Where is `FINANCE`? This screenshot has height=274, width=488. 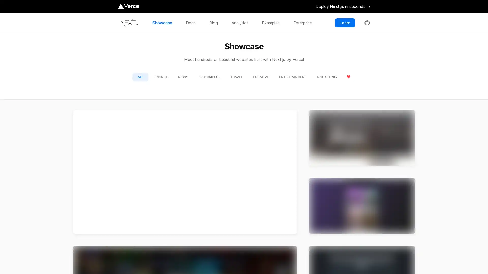 FINANCE is located at coordinates (160, 77).